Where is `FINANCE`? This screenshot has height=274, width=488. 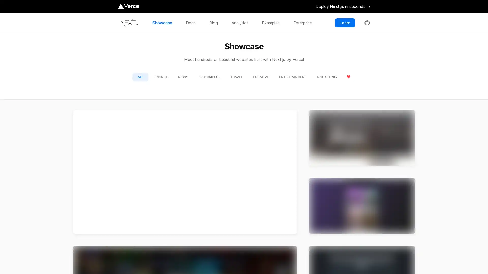 FINANCE is located at coordinates (160, 77).